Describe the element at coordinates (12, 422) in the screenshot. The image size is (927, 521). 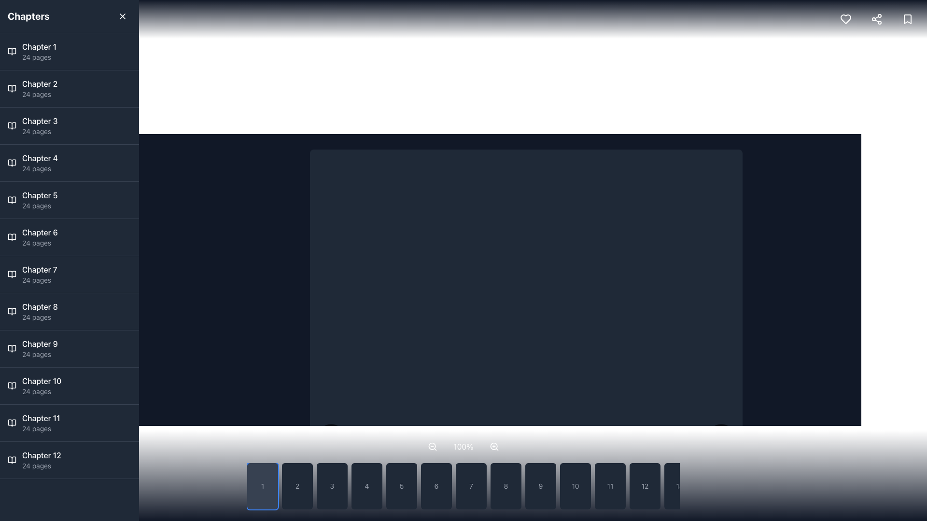
I see `the icon representing 'Chapter 11 24 pages' located in the vertical sidebar to note its visual association with the chapter text` at that location.